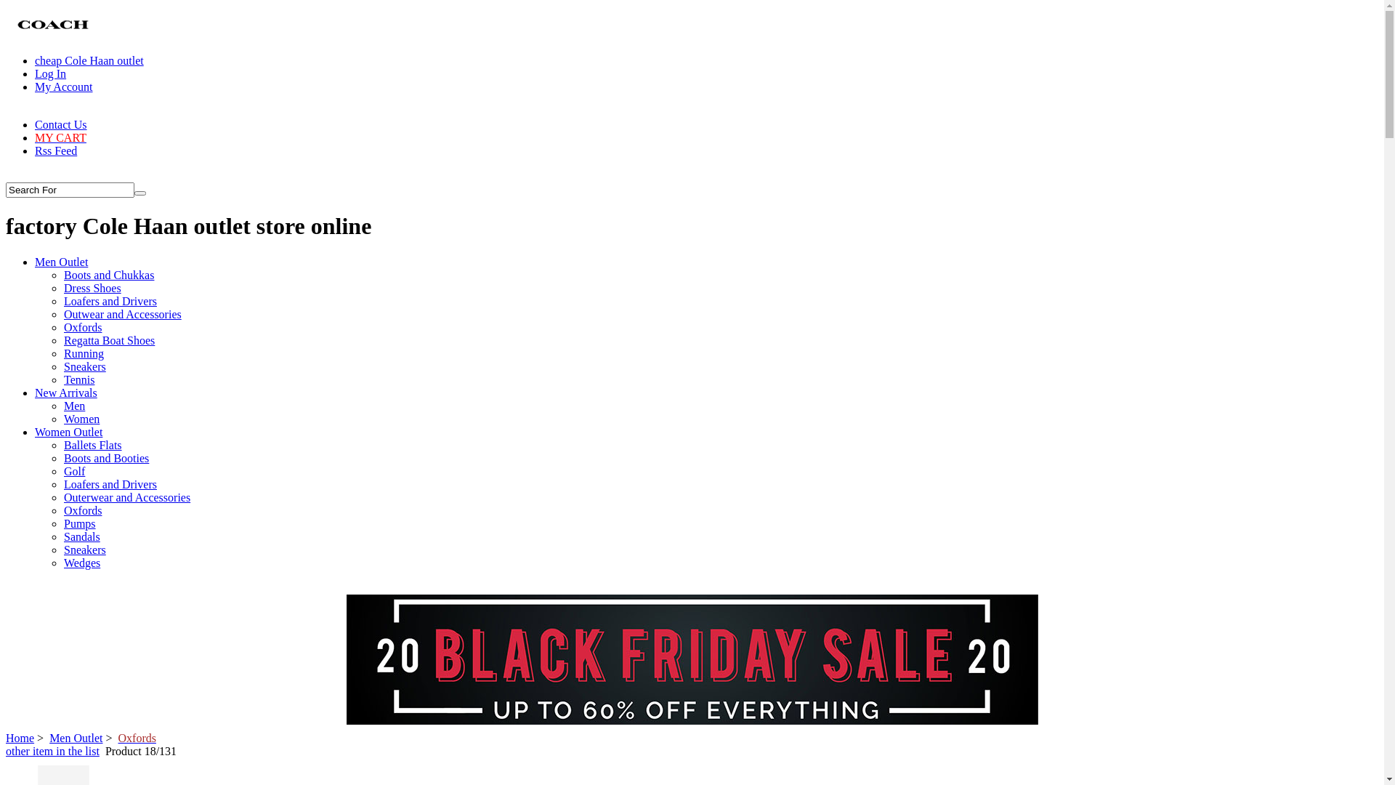 Image resolution: width=1395 pixels, height=785 pixels. What do you see at coordinates (62, 86) in the screenshot?
I see `'My Account'` at bounding box center [62, 86].